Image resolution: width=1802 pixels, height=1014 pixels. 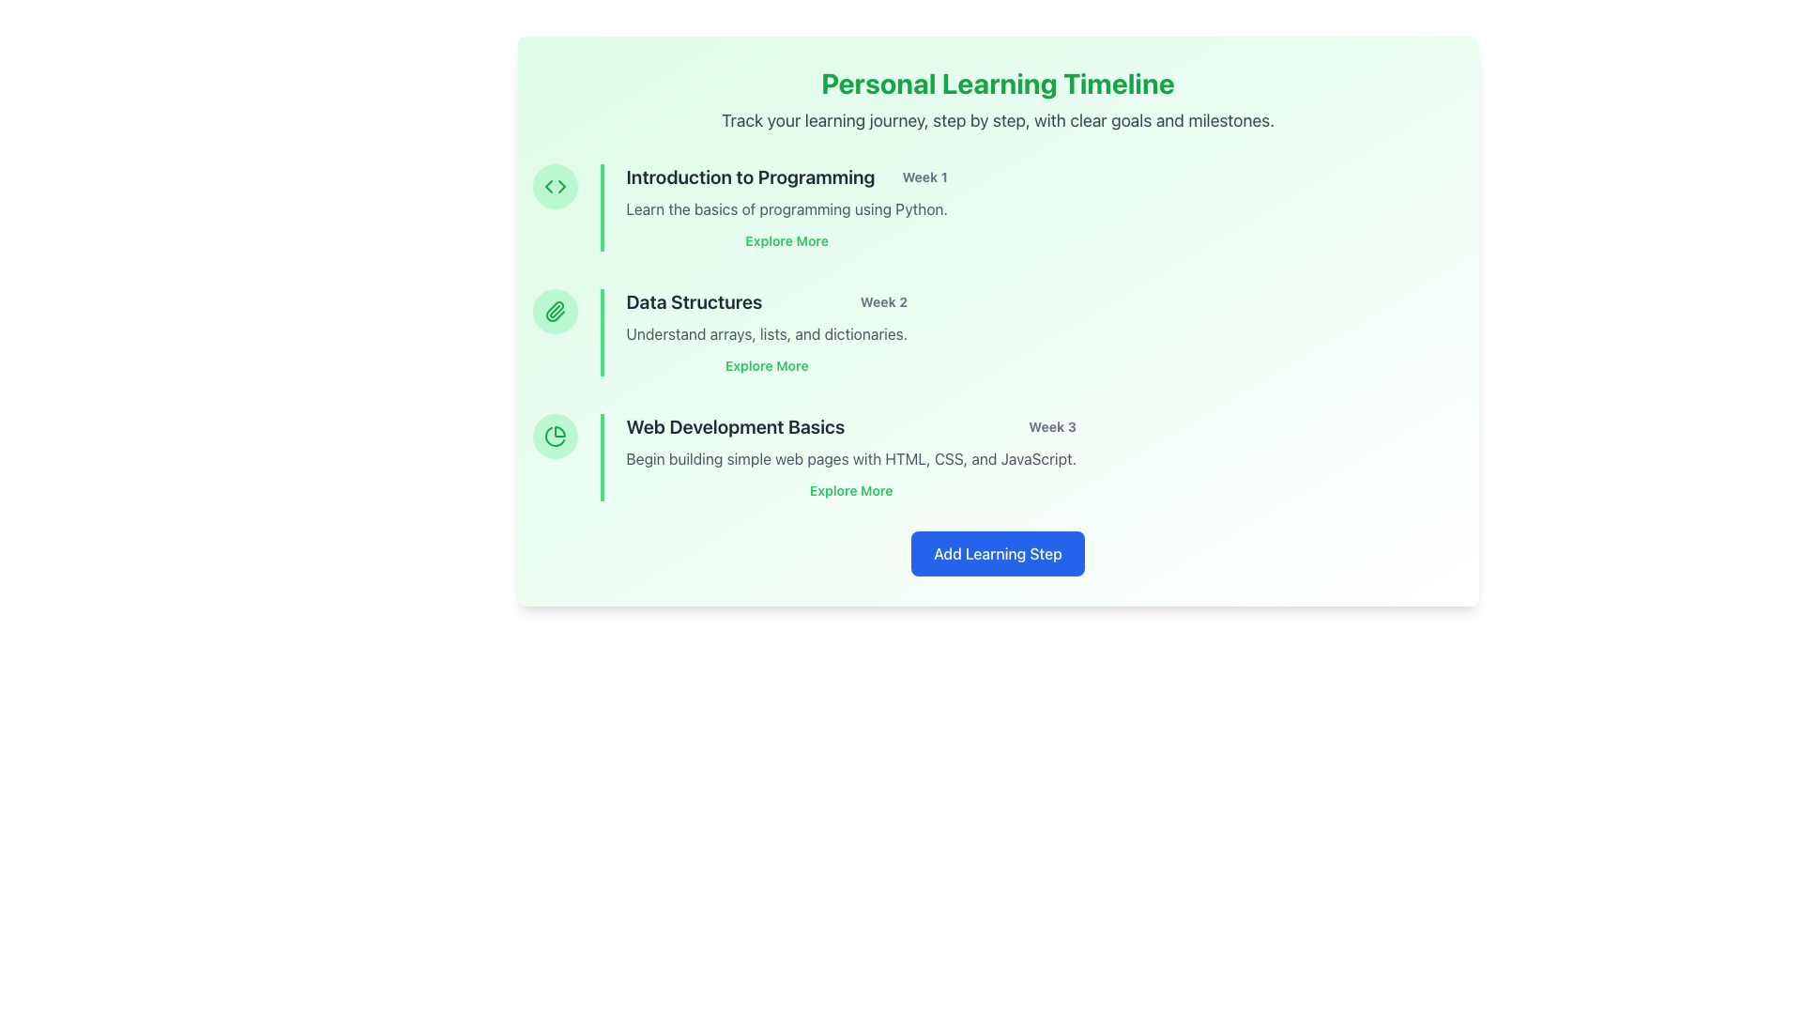 I want to click on the SVG Arrow Icon that visually represents the option to proceed or navigate forward in a timeline or list view, positioned to the left of the text 'Introduction to Programming', so click(x=560, y=187).